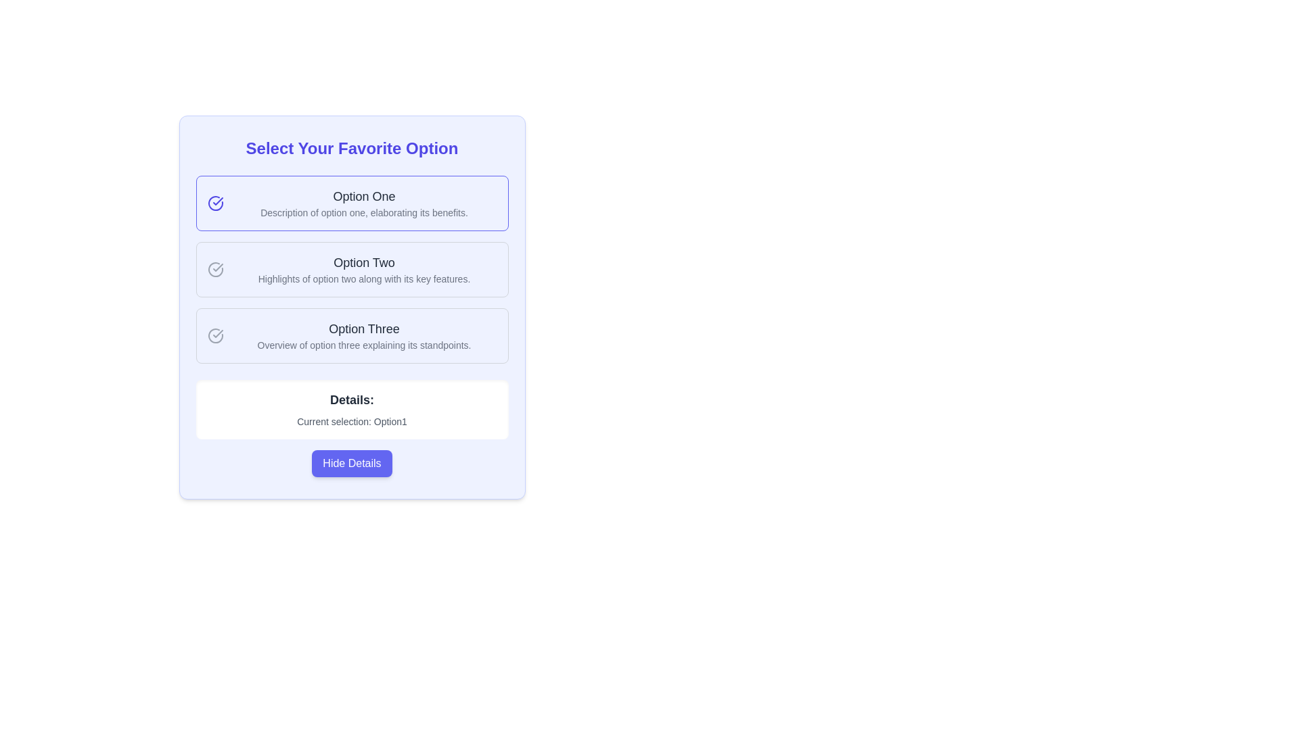 This screenshot has width=1299, height=730. I want to click on the circular icon with a blue outline and a checkmark inside, located next to the text 'Option One' in the first option group, so click(214, 203).